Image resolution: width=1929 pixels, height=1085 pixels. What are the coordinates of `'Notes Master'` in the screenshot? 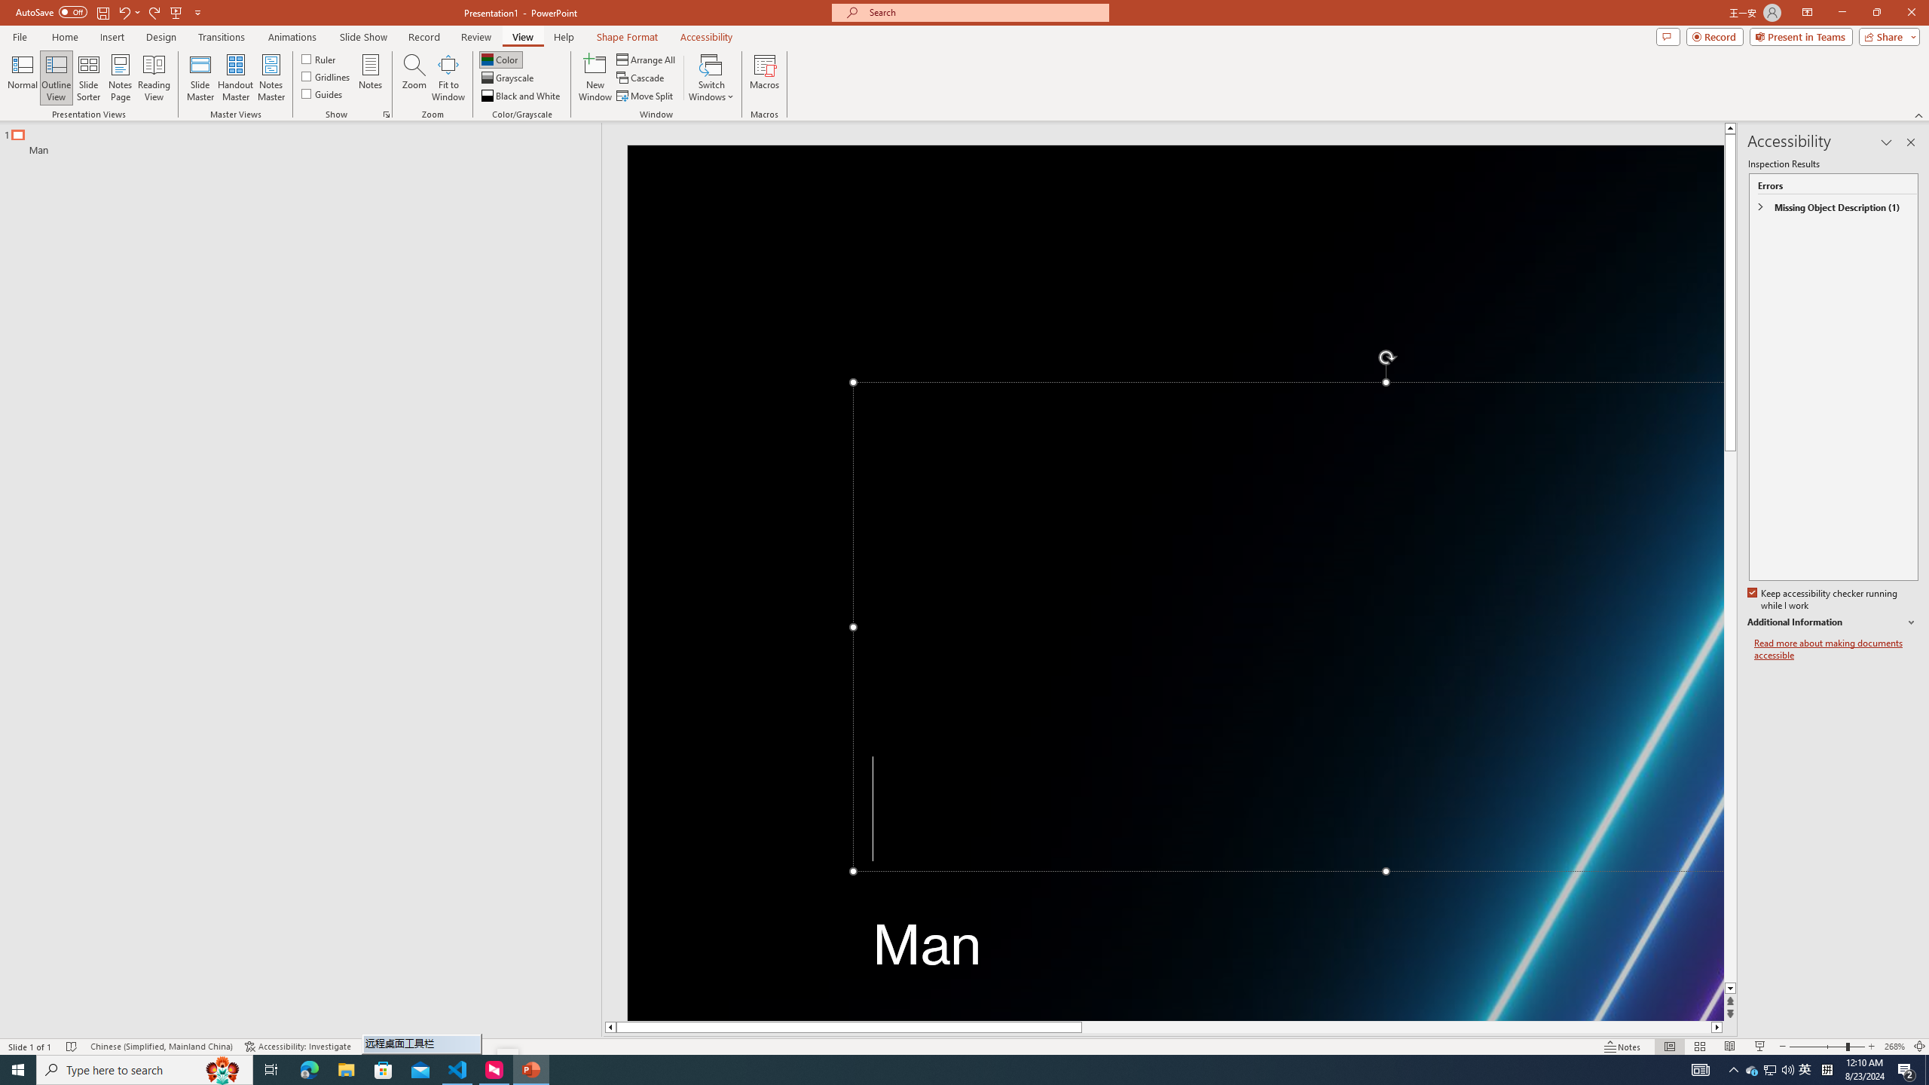 It's located at (270, 78).